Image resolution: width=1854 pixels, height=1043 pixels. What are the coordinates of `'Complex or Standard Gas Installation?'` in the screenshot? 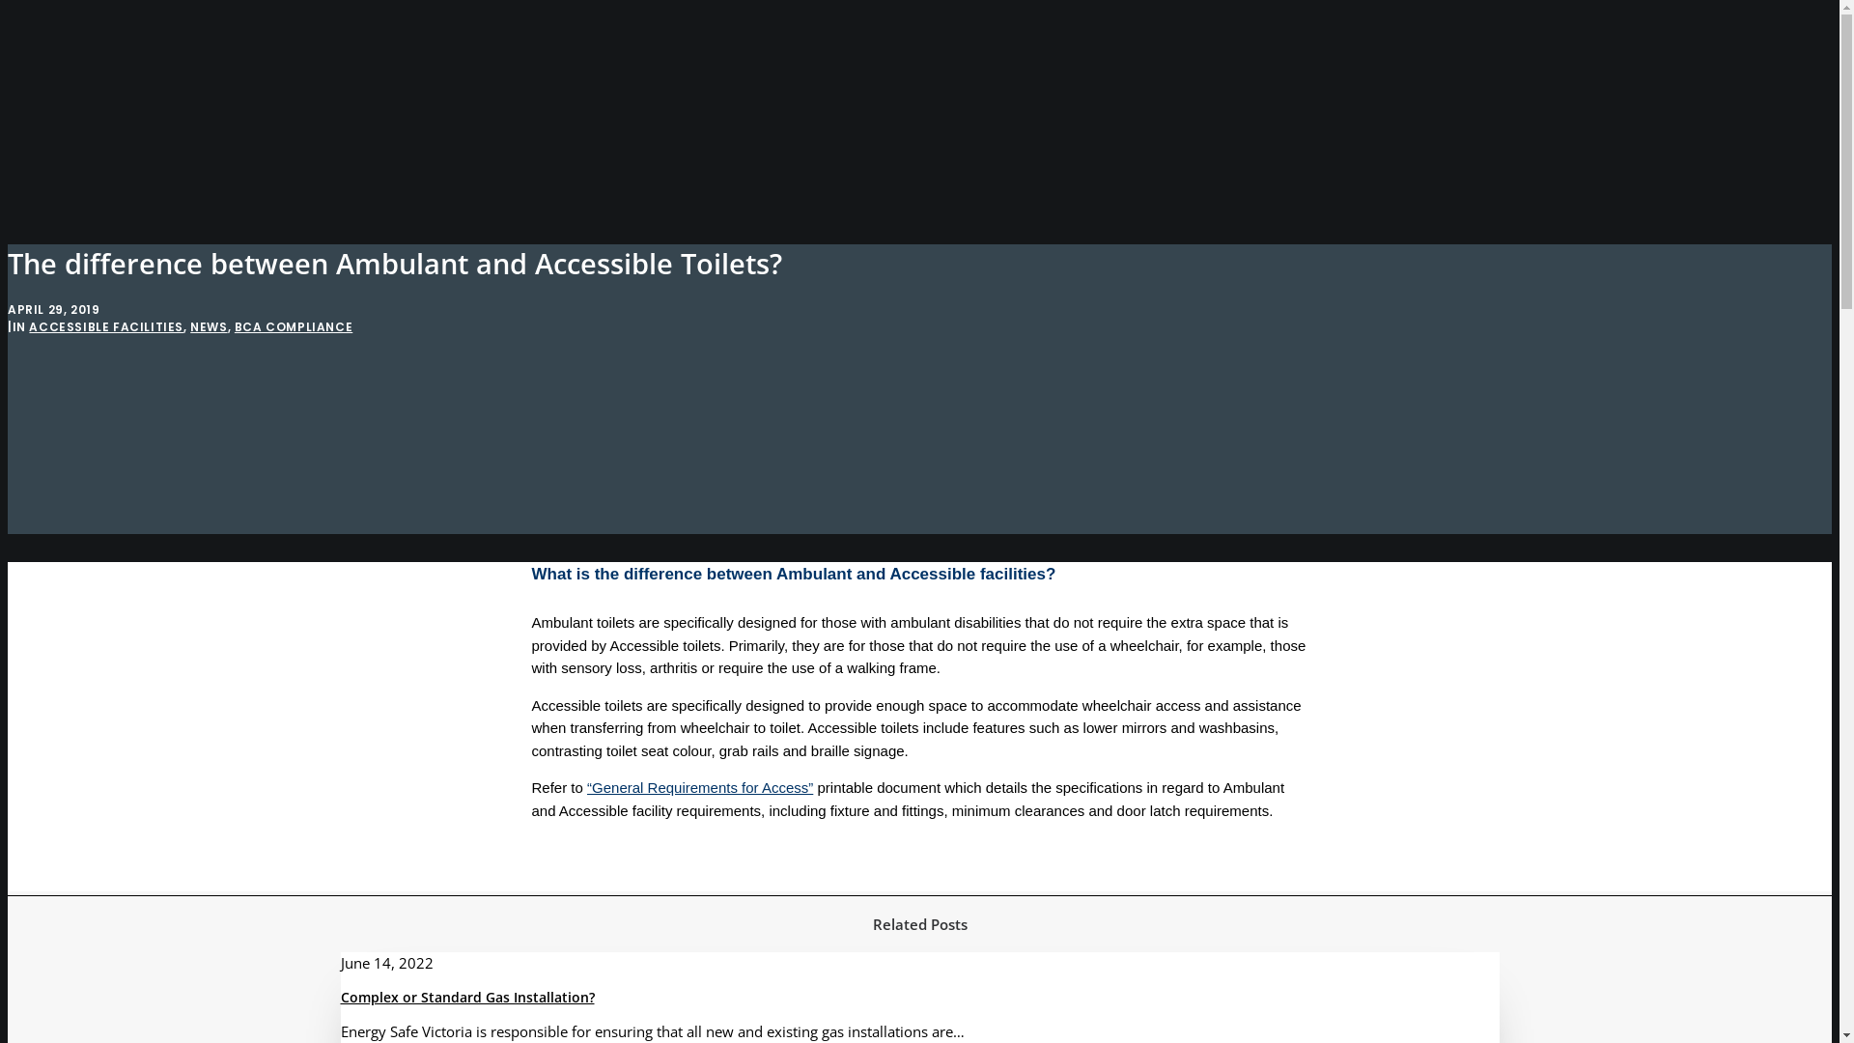 It's located at (339, 997).